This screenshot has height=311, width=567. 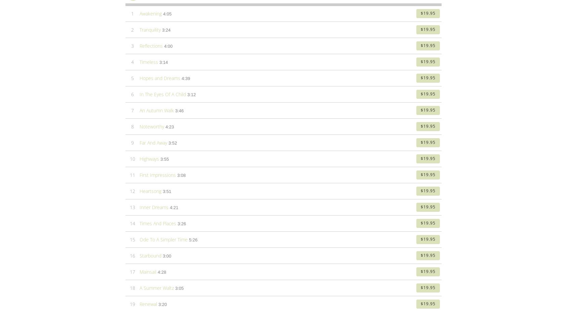 What do you see at coordinates (139, 80) in the screenshot?
I see `'Sea Of Stars'` at bounding box center [139, 80].